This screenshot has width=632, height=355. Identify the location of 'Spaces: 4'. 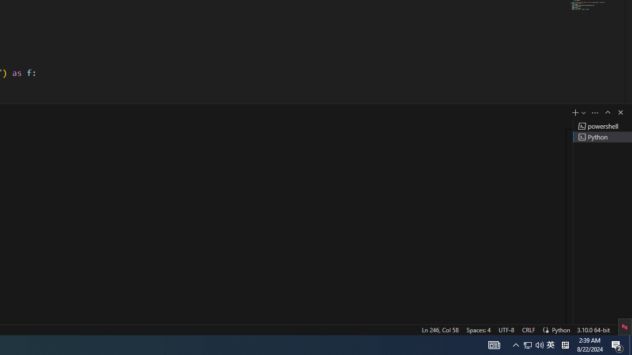
(478, 329).